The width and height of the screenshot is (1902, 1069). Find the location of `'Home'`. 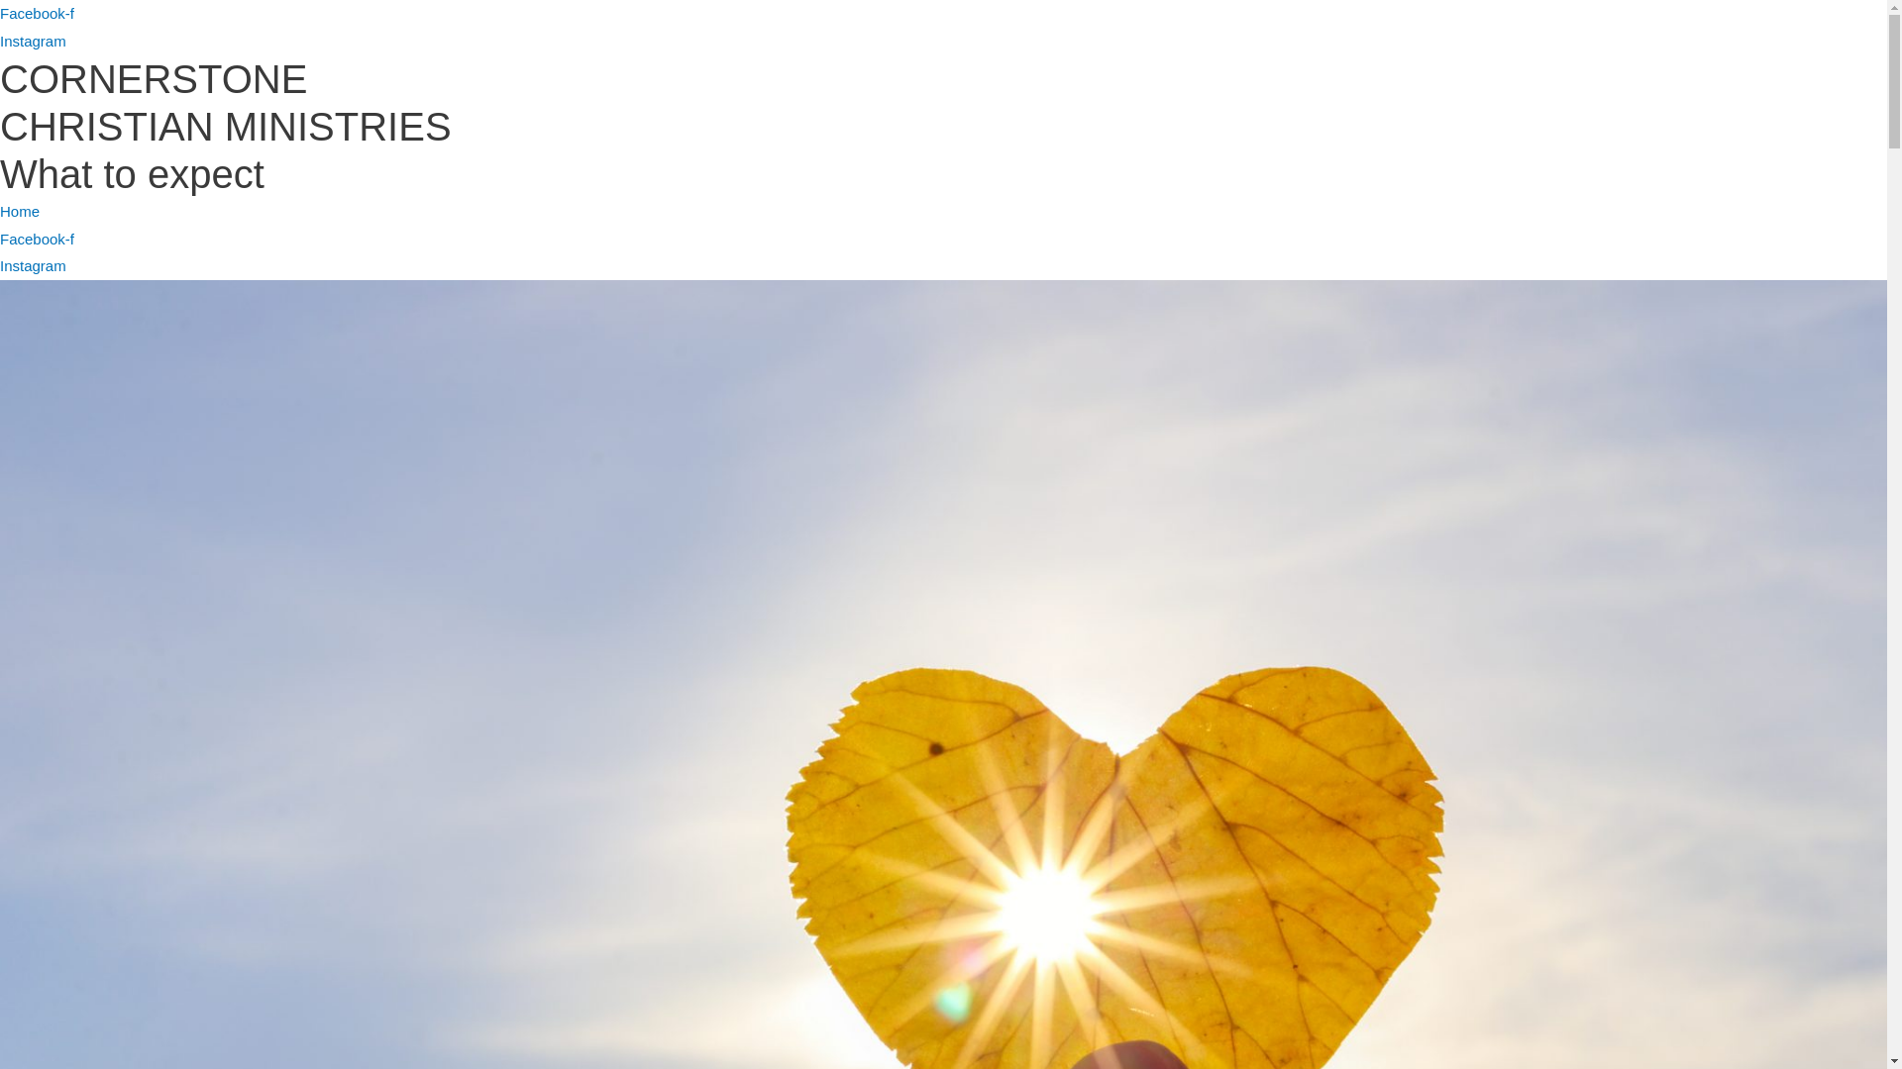

'Home' is located at coordinates (19, 211).